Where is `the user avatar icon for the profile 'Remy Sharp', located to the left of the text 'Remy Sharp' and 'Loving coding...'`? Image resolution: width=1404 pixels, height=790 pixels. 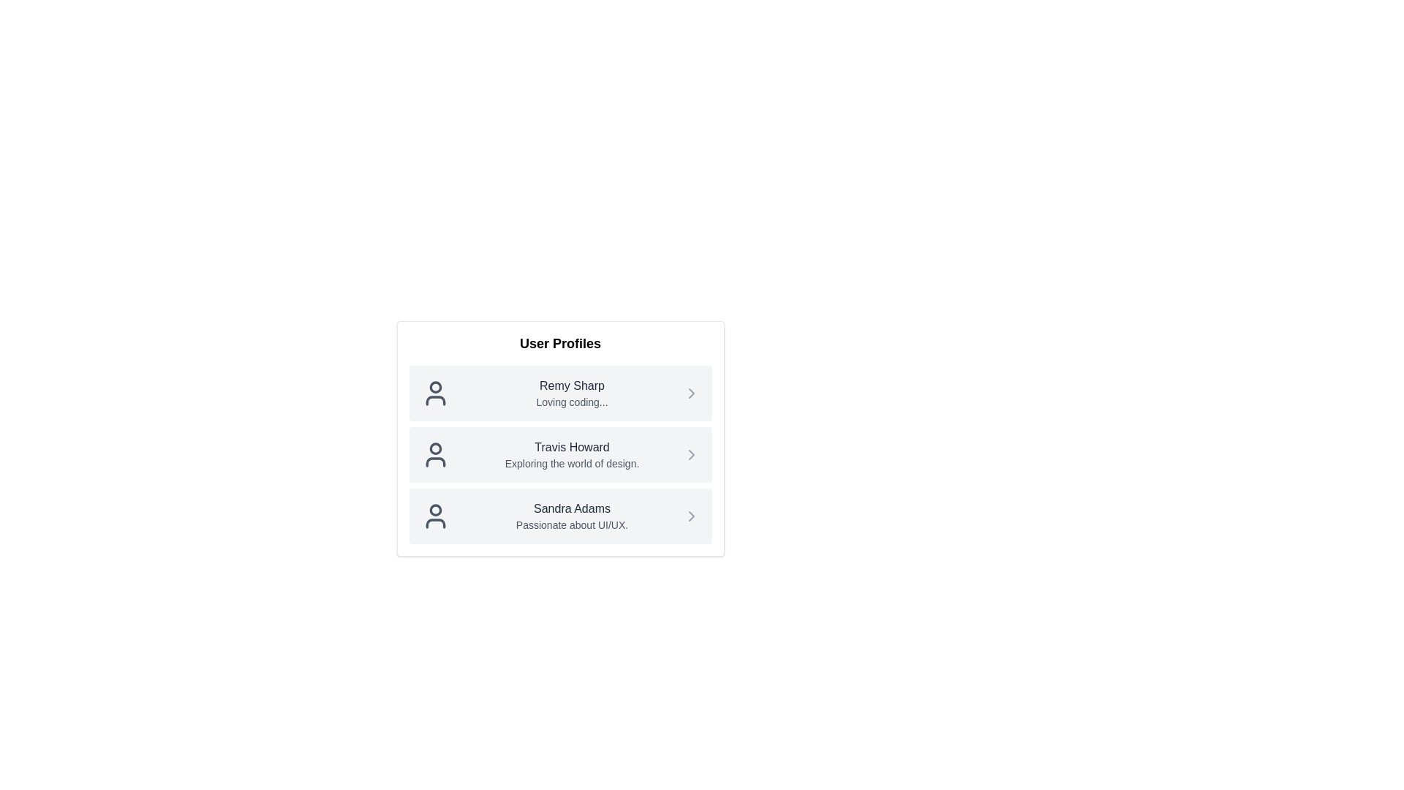
the user avatar icon for the profile 'Remy Sharp', located to the left of the text 'Remy Sharp' and 'Loving coding...' is located at coordinates (434, 392).